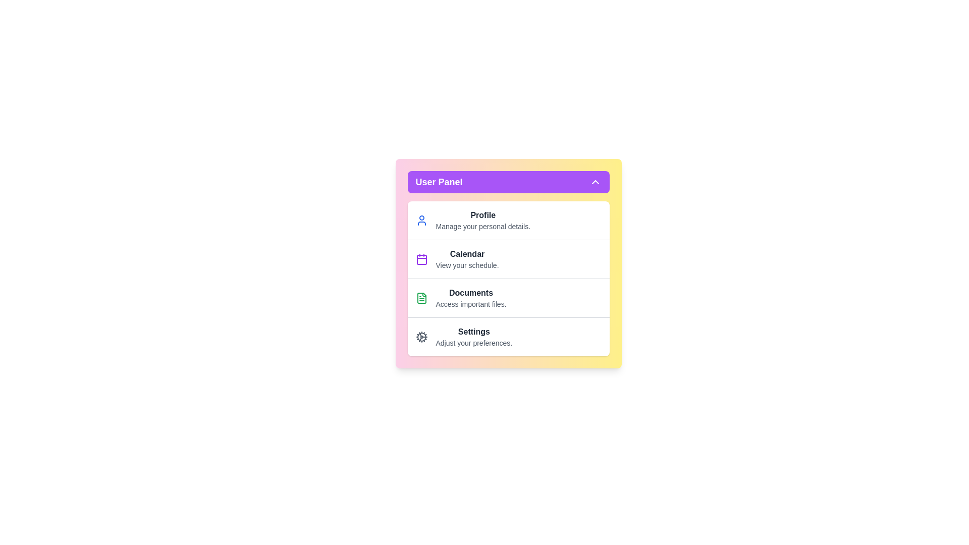 The width and height of the screenshot is (969, 545). I want to click on the 'Settings' text element located in the User Panel, so click(473, 337).